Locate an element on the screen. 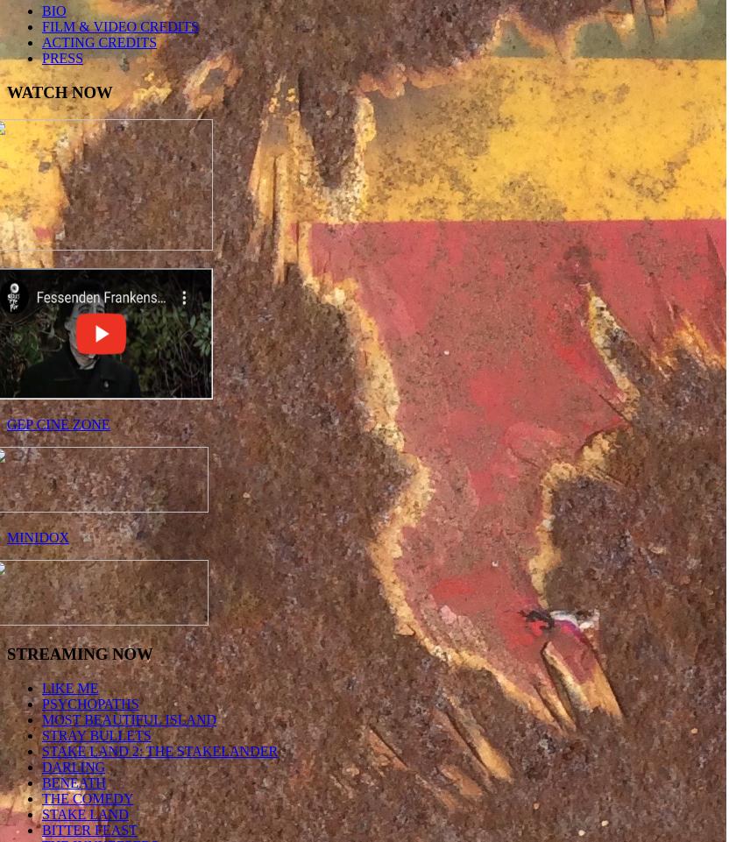  'MOST BEAUTIFUL ISLAND' is located at coordinates (129, 719).